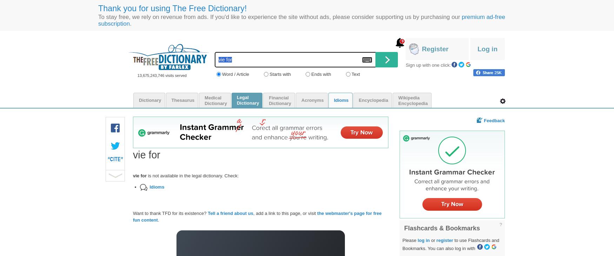 The image size is (614, 256). I want to click on 'to use Flashcards and Bookmarks. You can also log in with', so click(451, 244).